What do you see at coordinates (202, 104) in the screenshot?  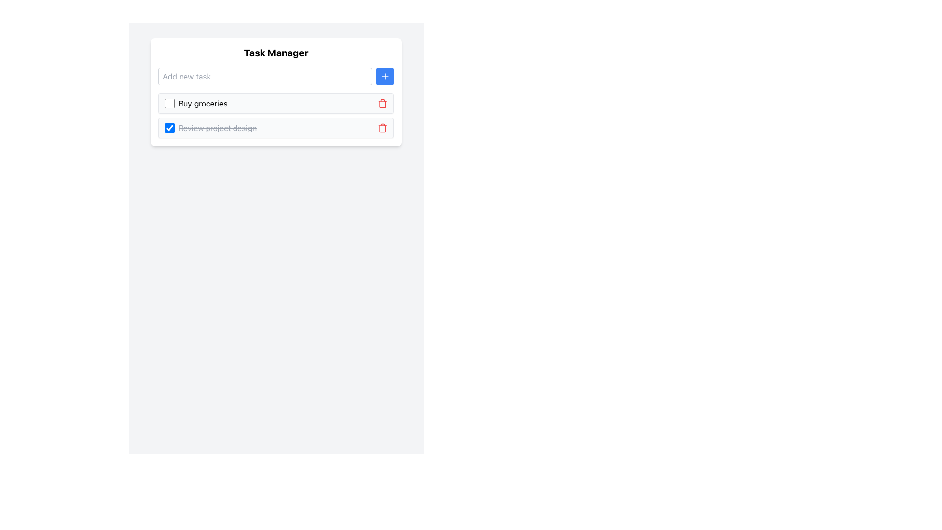 I see `plain text label that reads 'Buy groceries', located to the right of a checkbox in the second task row of the task list interface` at bounding box center [202, 104].